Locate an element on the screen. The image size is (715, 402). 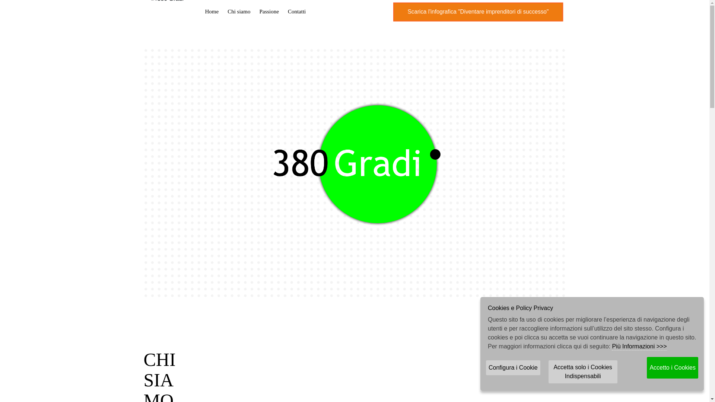
'Contatti' is located at coordinates (296, 11).